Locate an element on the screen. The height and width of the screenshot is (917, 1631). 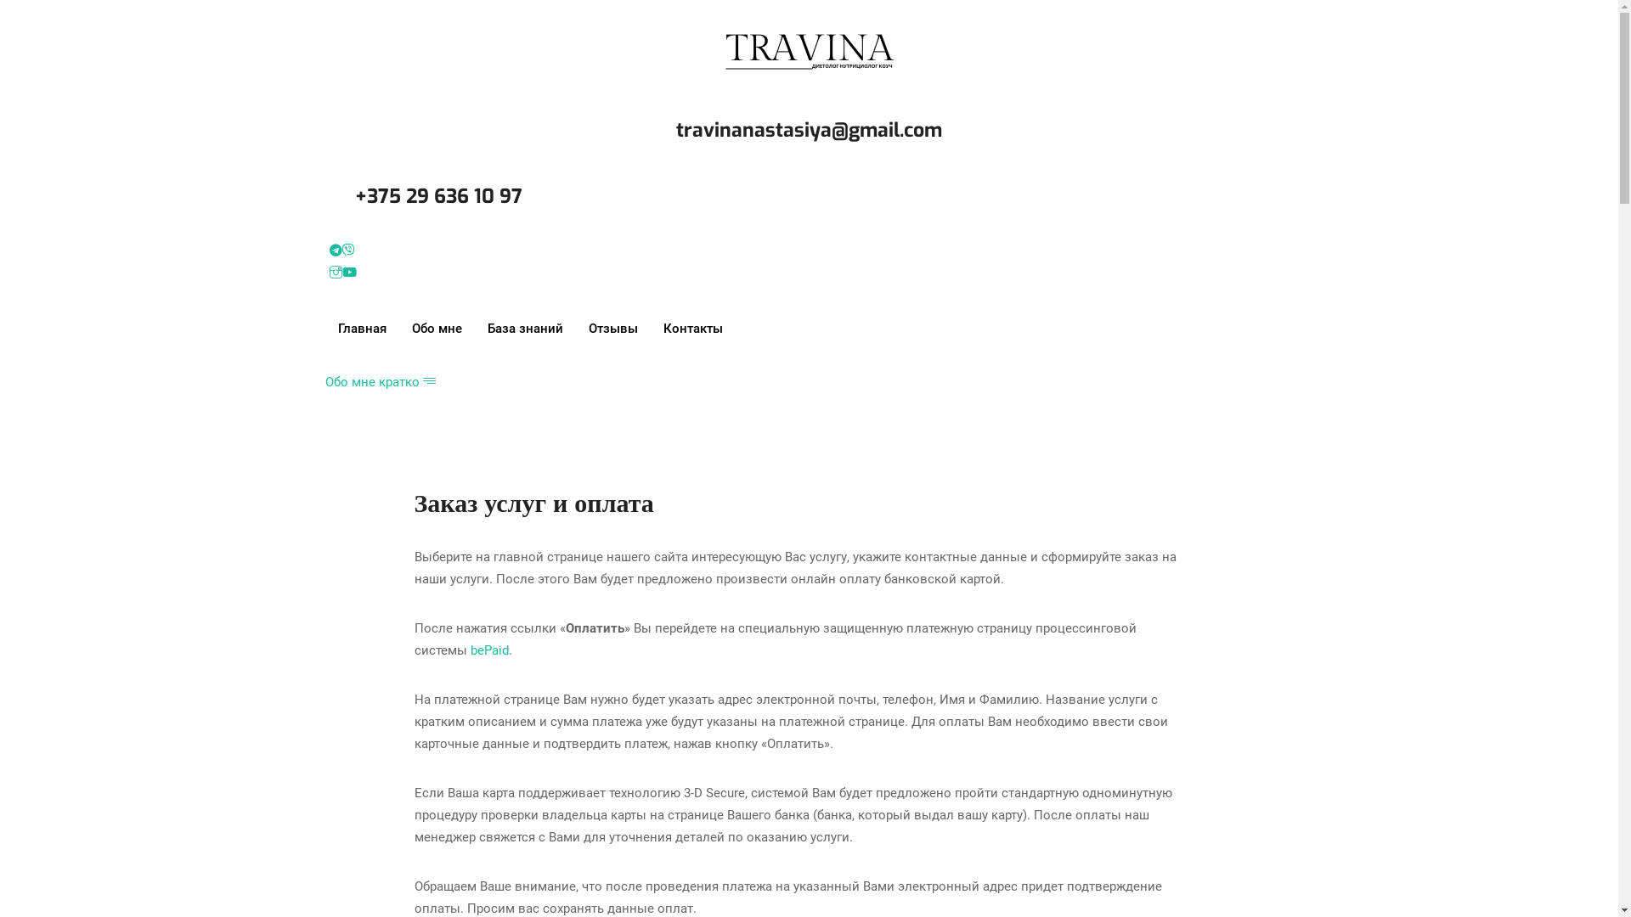
'bePaid' is located at coordinates (488, 650).